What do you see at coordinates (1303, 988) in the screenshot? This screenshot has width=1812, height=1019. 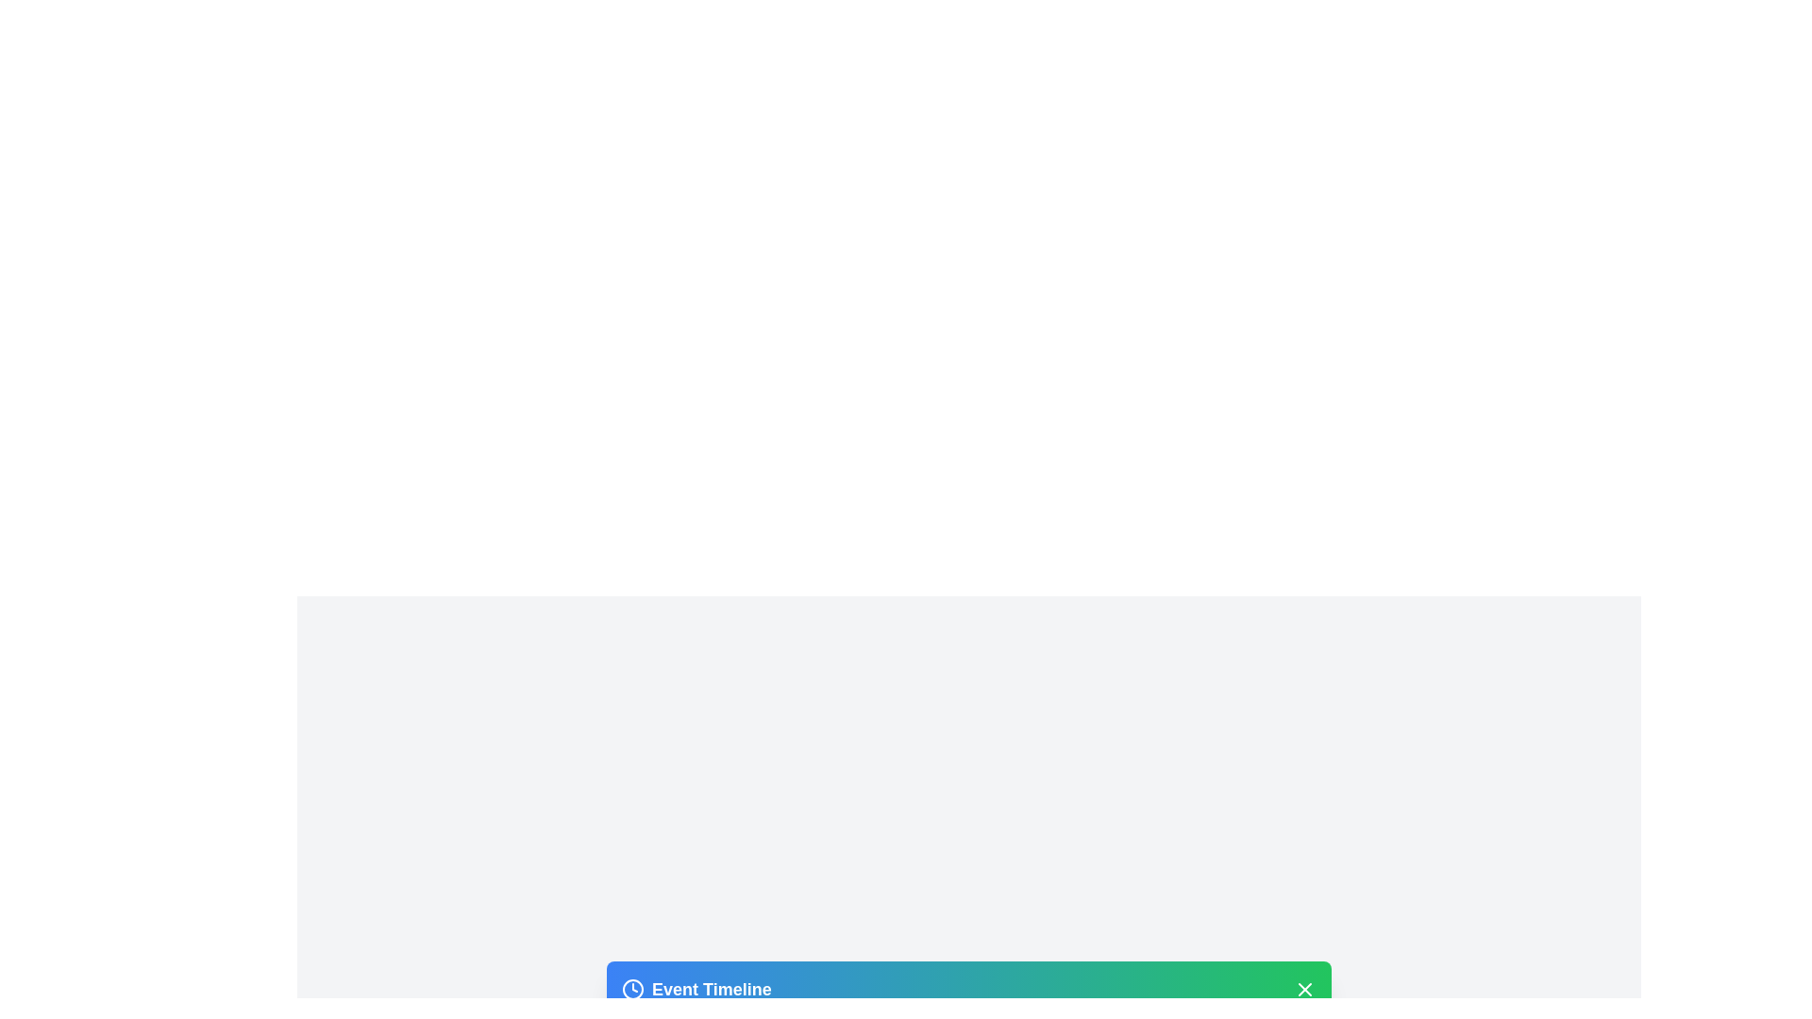 I see `the close button at the top-right corner of the MultimediaDialog` at bounding box center [1303, 988].